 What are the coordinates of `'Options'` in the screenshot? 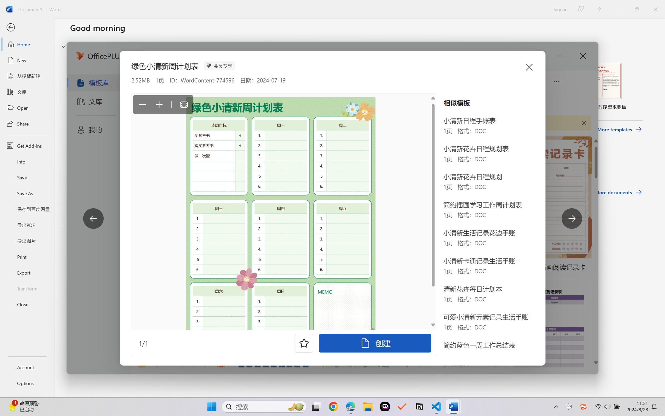 It's located at (27, 383).